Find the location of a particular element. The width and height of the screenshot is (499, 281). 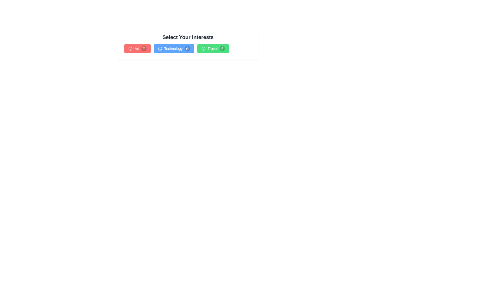

the trash icon next to the interest labeled Technology is located at coordinates (187, 48).